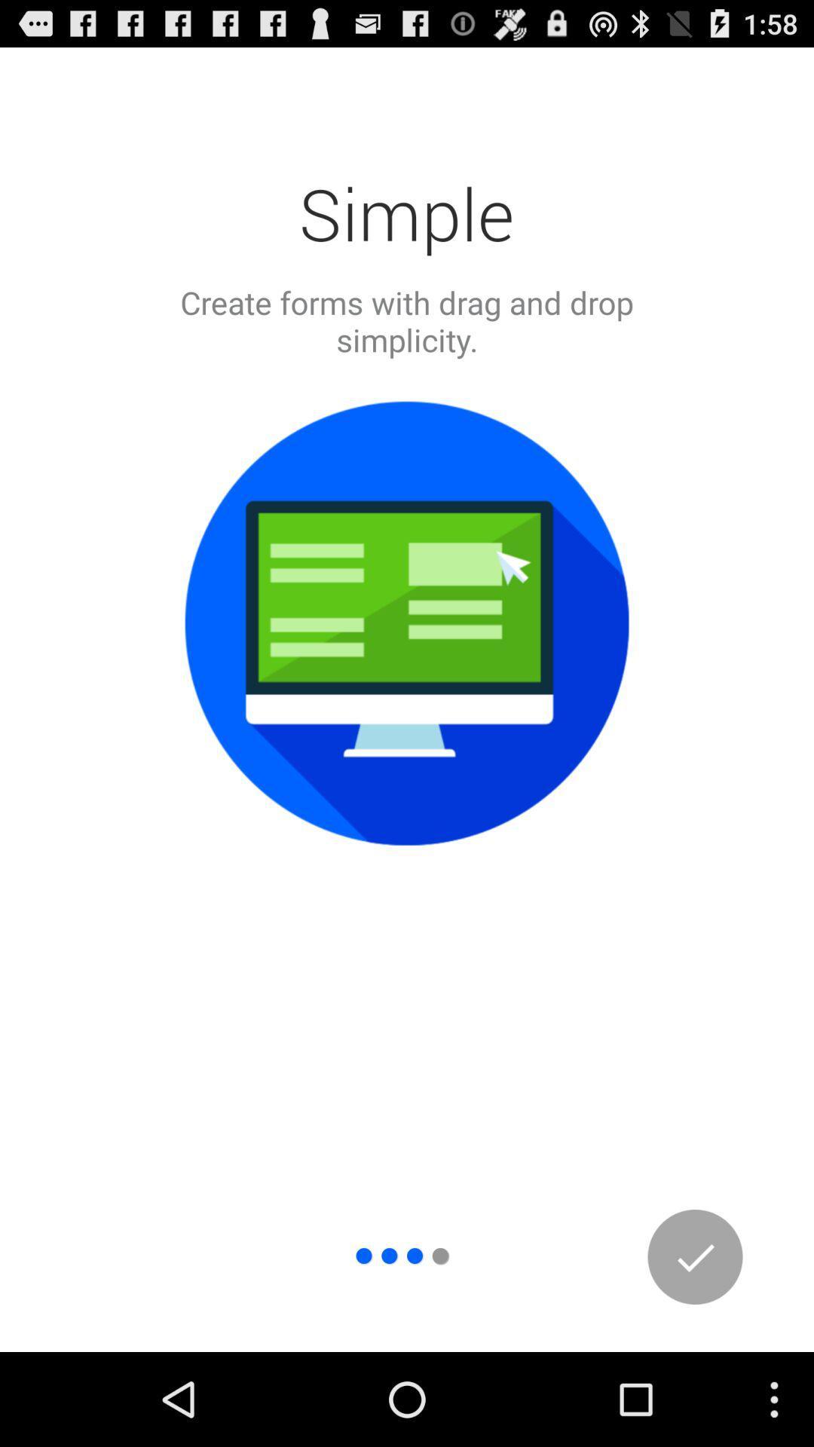 The image size is (814, 1447). I want to click on the check icon, so click(695, 1345).